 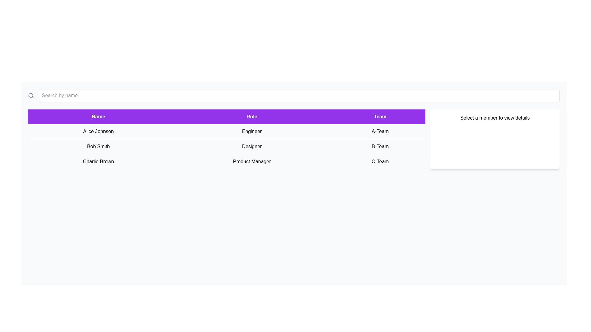 I want to click on the Static text label displaying 'Charlie Brown', which is styled with regular text formatting and located in the third row of a table beneath the 'Name' column header, so click(x=98, y=161).